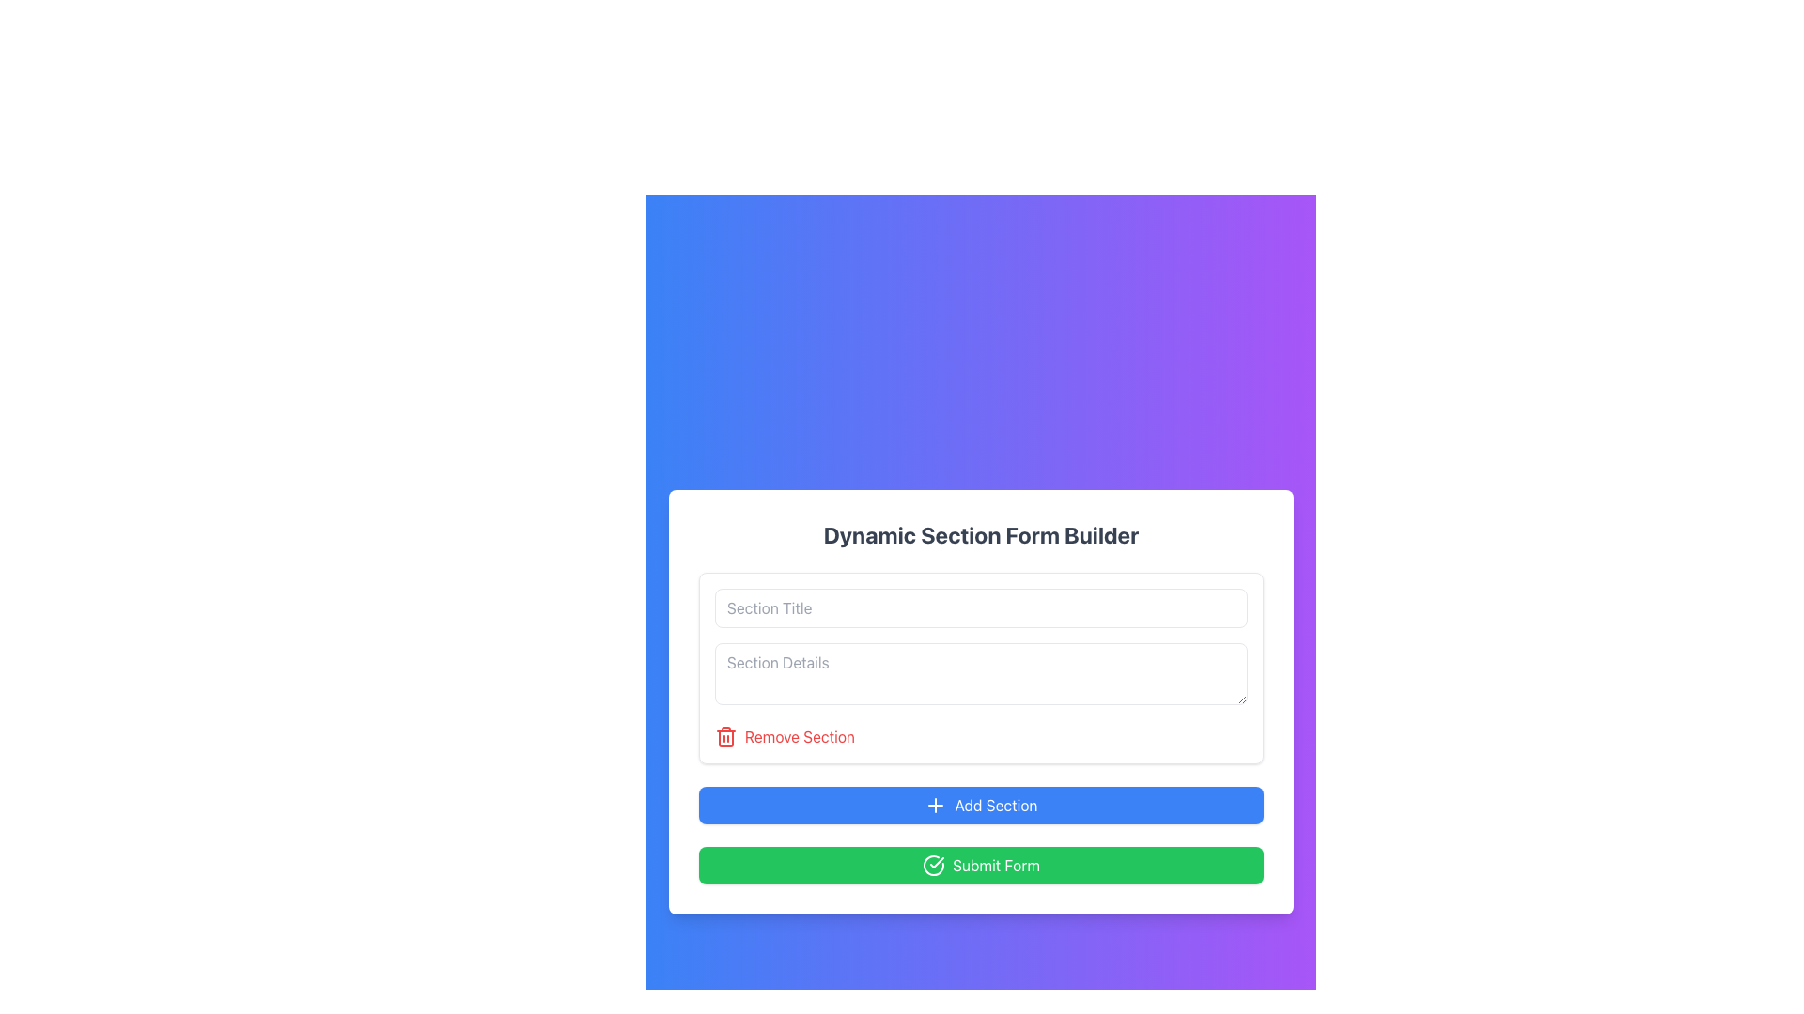  Describe the element at coordinates (936, 804) in the screenshot. I see `the small, cross-shaped '+' icon located to the left of the 'Add Section' button, which enhances the button's functionality` at that location.